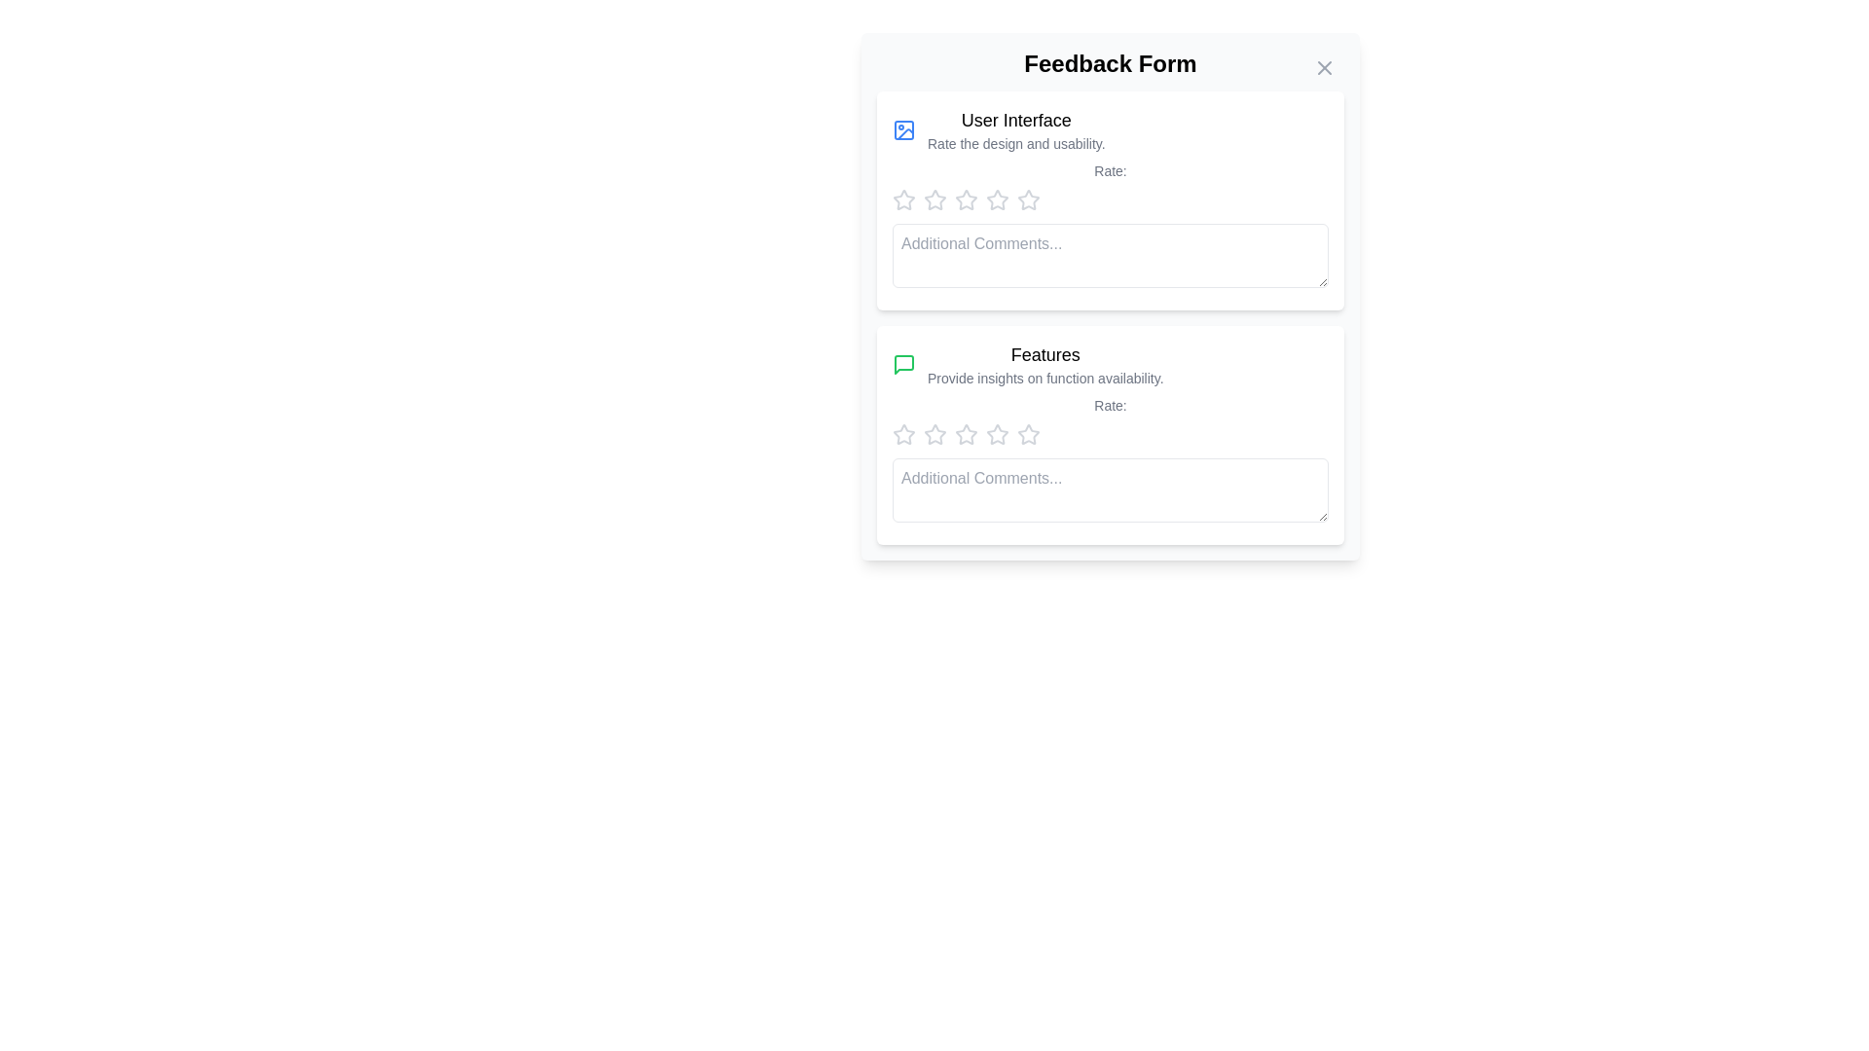 The height and width of the screenshot is (1051, 1869). What do you see at coordinates (934, 433) in the screenshot?
I see `the first rating star icon in the 'Features' section of the feedback form` at bounding box center [934, 433].